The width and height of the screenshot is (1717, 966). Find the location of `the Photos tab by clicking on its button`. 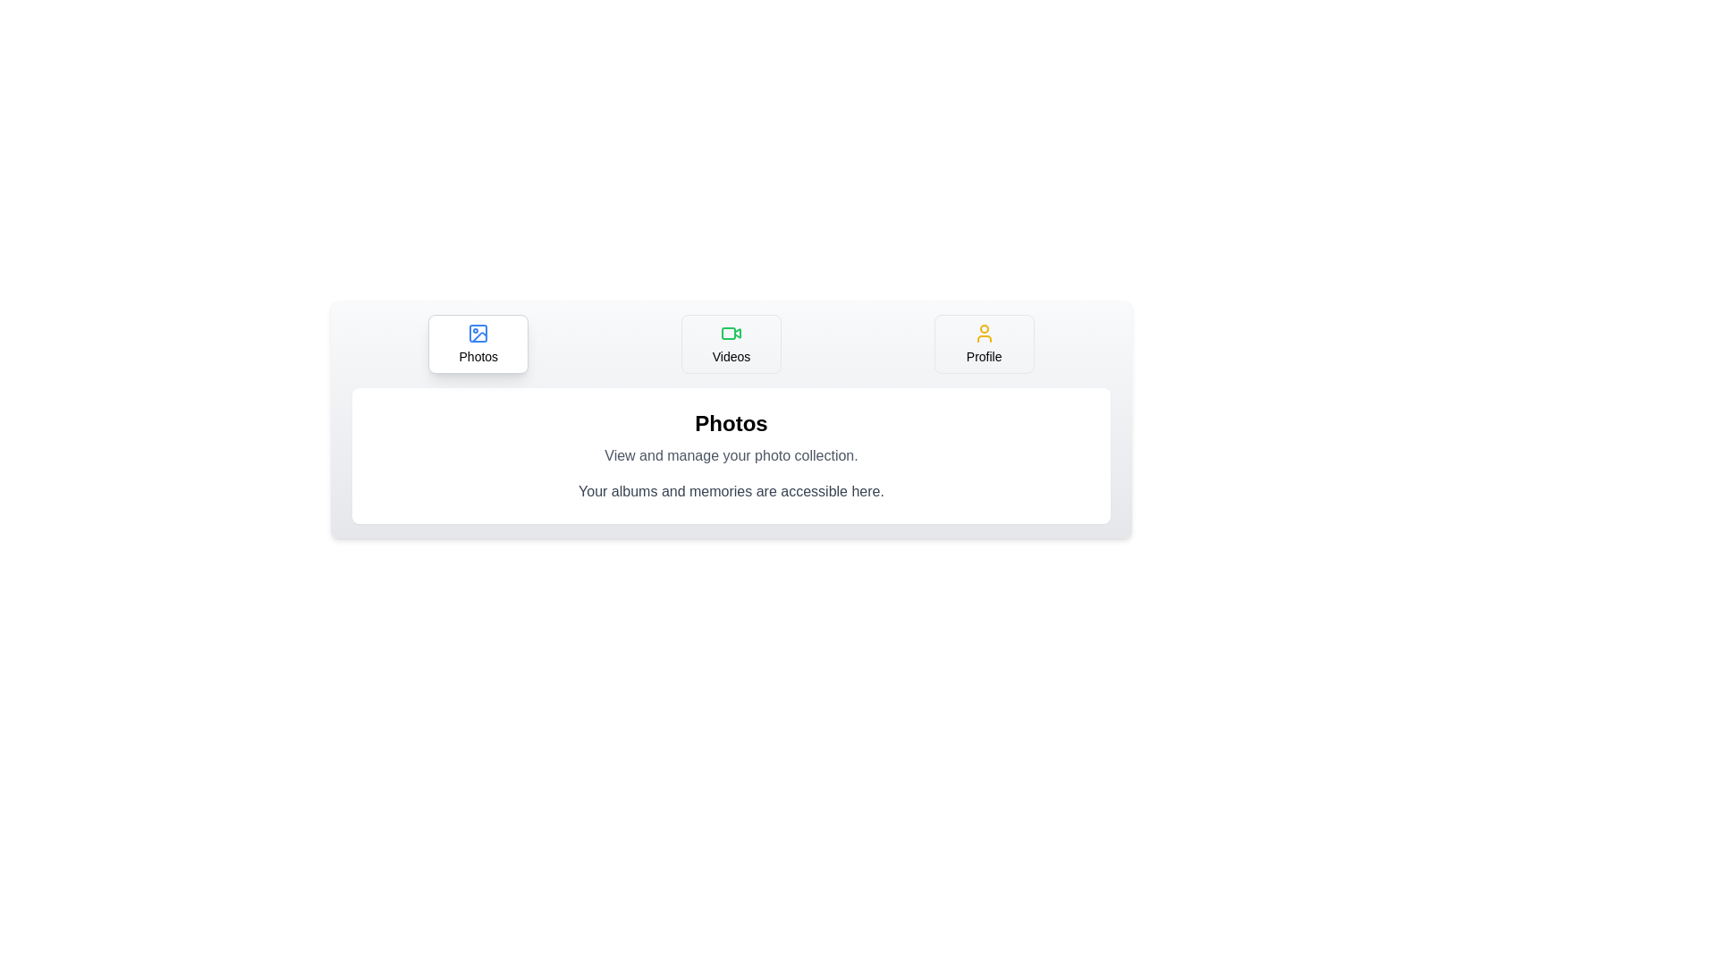

the Photos tab by clicking on its button is located at coordinates (478, 344).